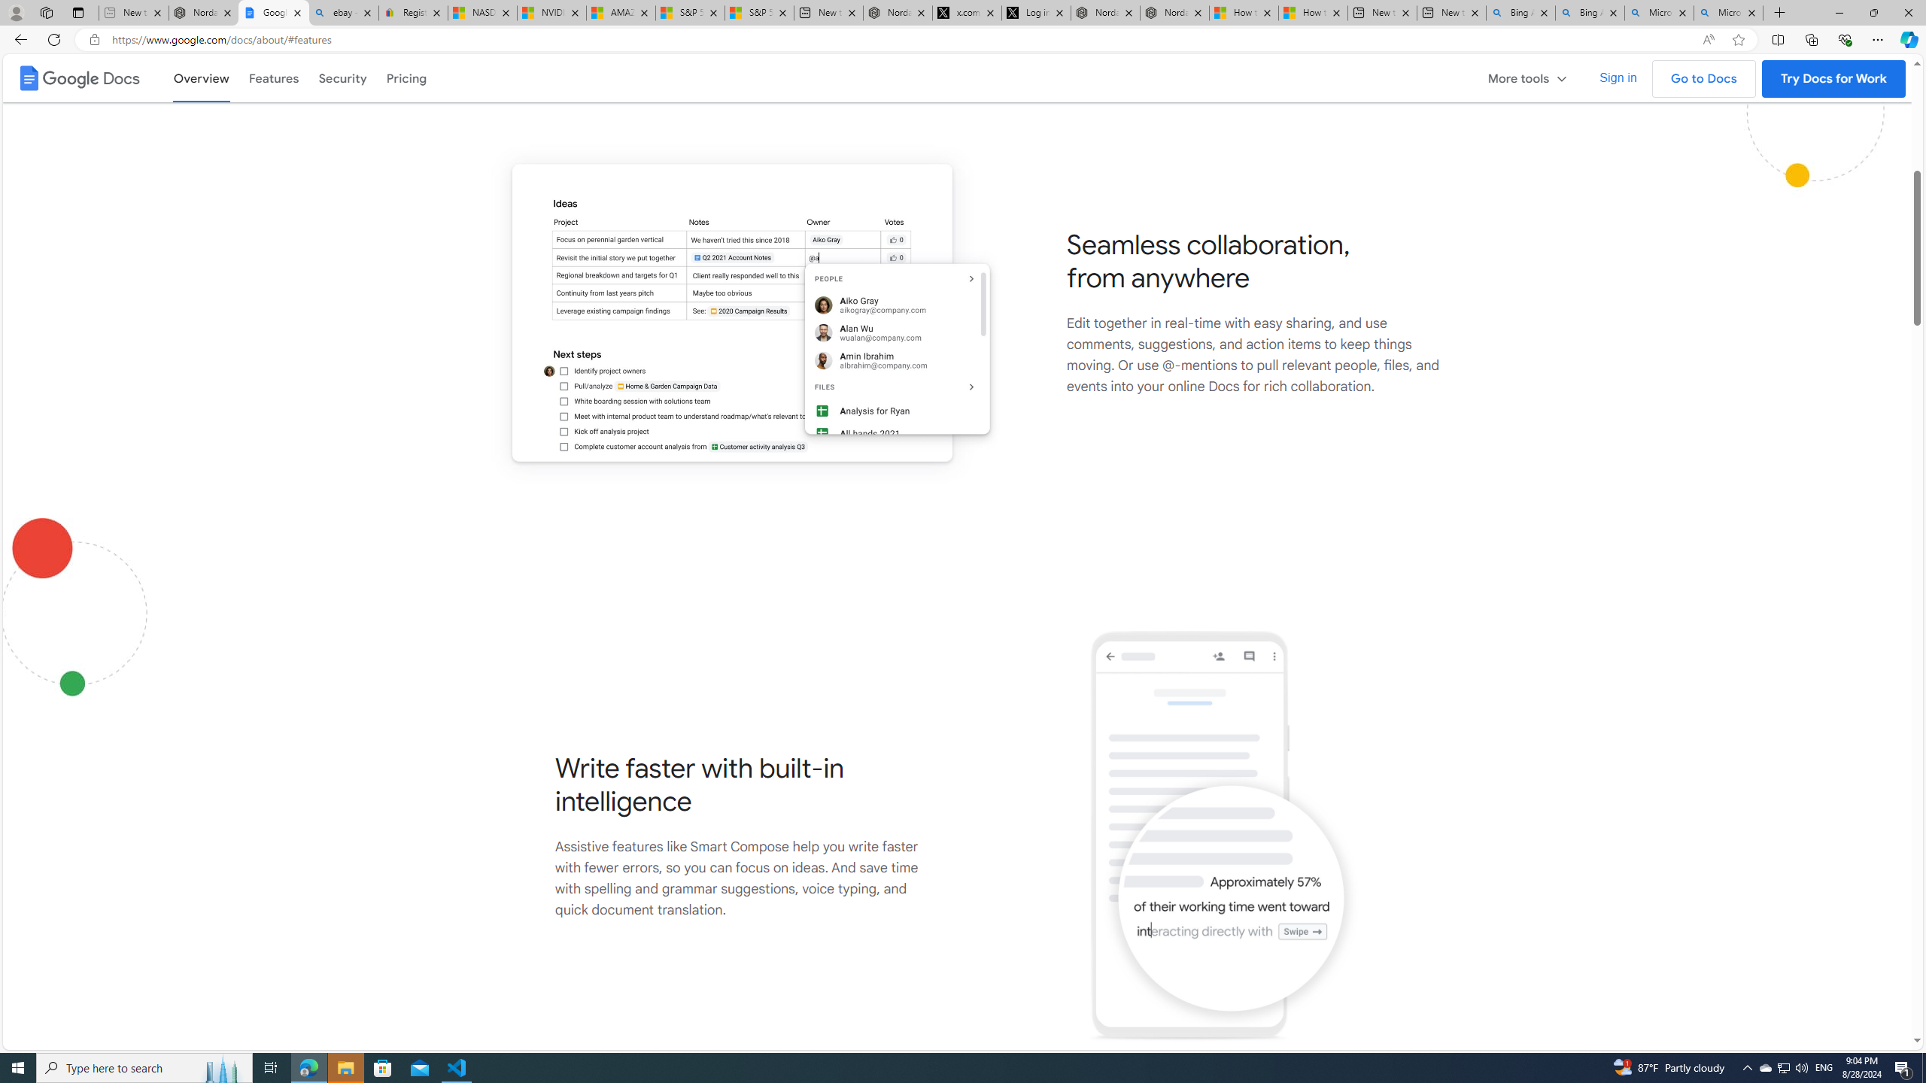 This screenshot has width=1926, height=1083. Describe the element at coordinates (1589, 12) in the screenshot. I see `'Bing AI - Search'` at that location.